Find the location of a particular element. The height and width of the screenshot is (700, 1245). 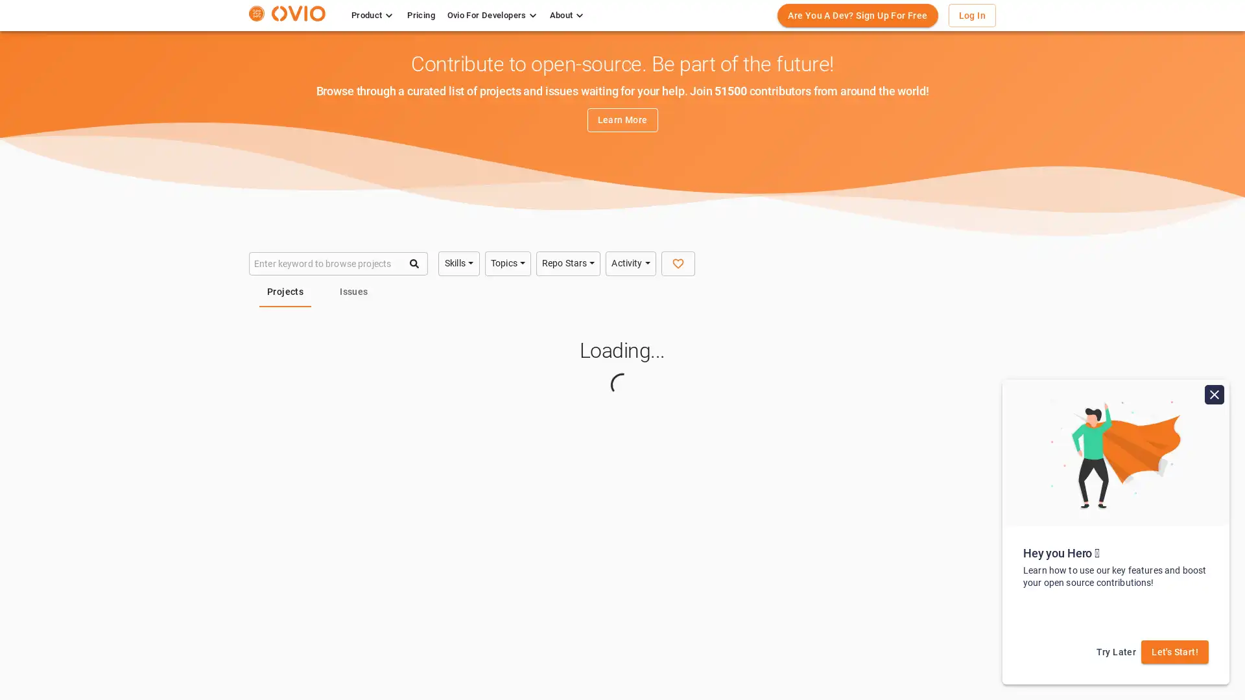

Product is located at coordinates (372, 15).